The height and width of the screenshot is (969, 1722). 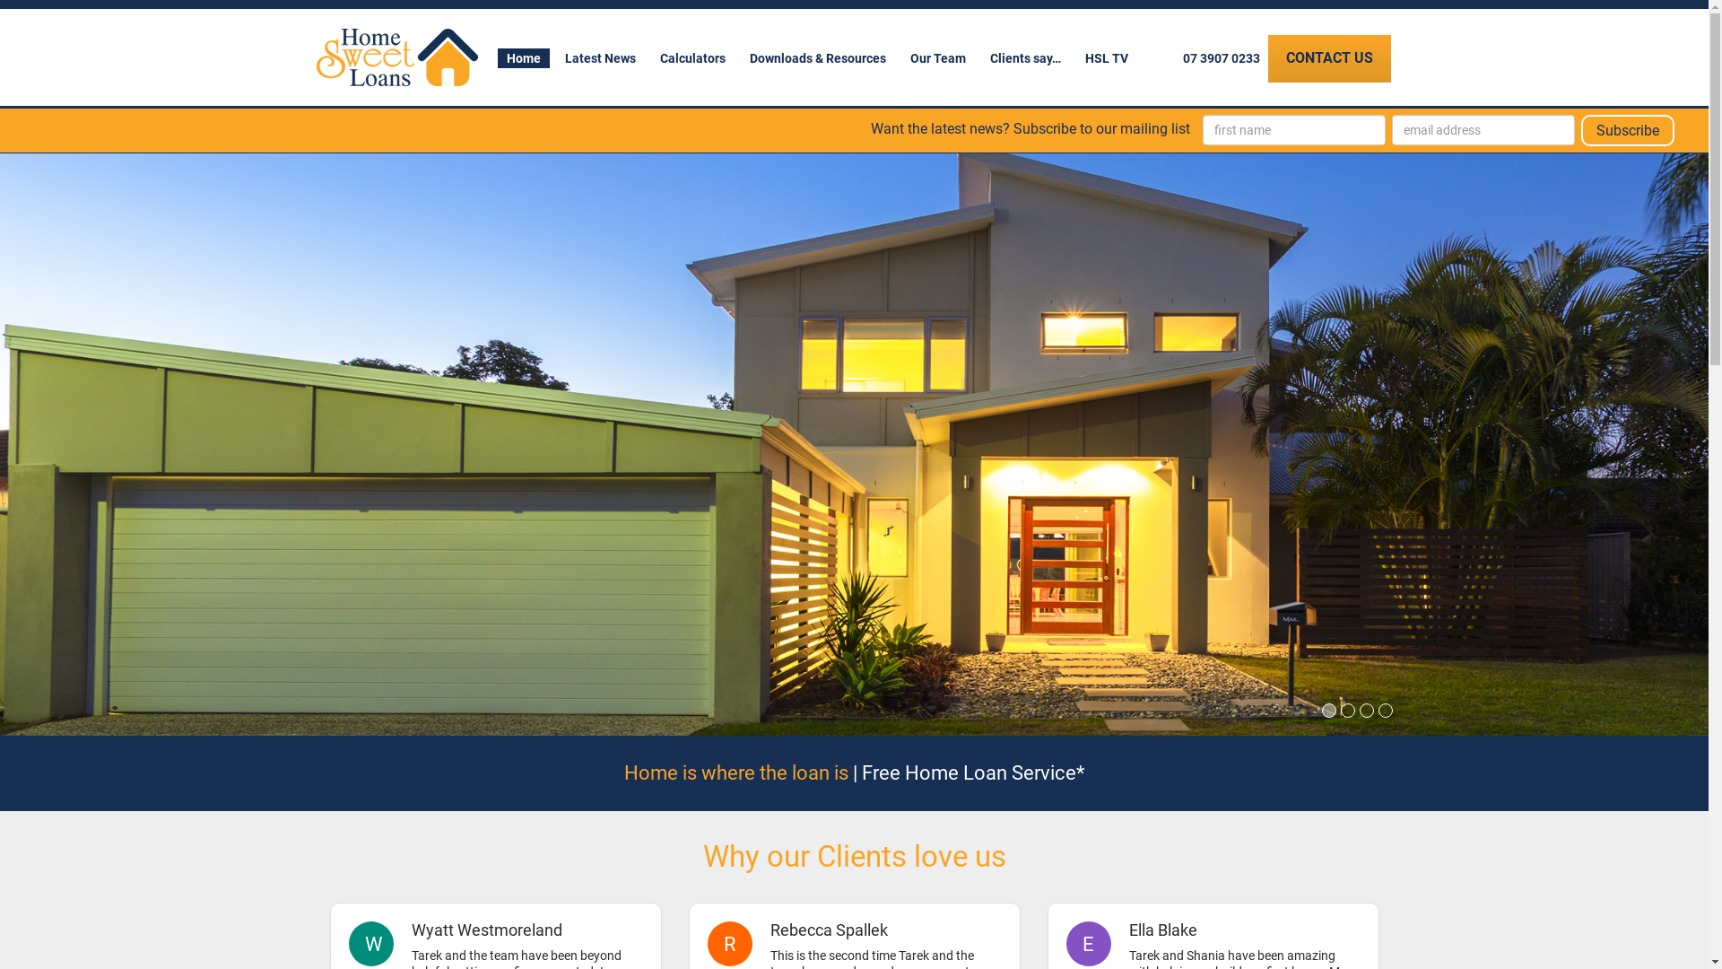 What do you see at coordinates (1627, 129) in the screenshot?
I see `'Subscribe'` at bounding box center [1627, 129].